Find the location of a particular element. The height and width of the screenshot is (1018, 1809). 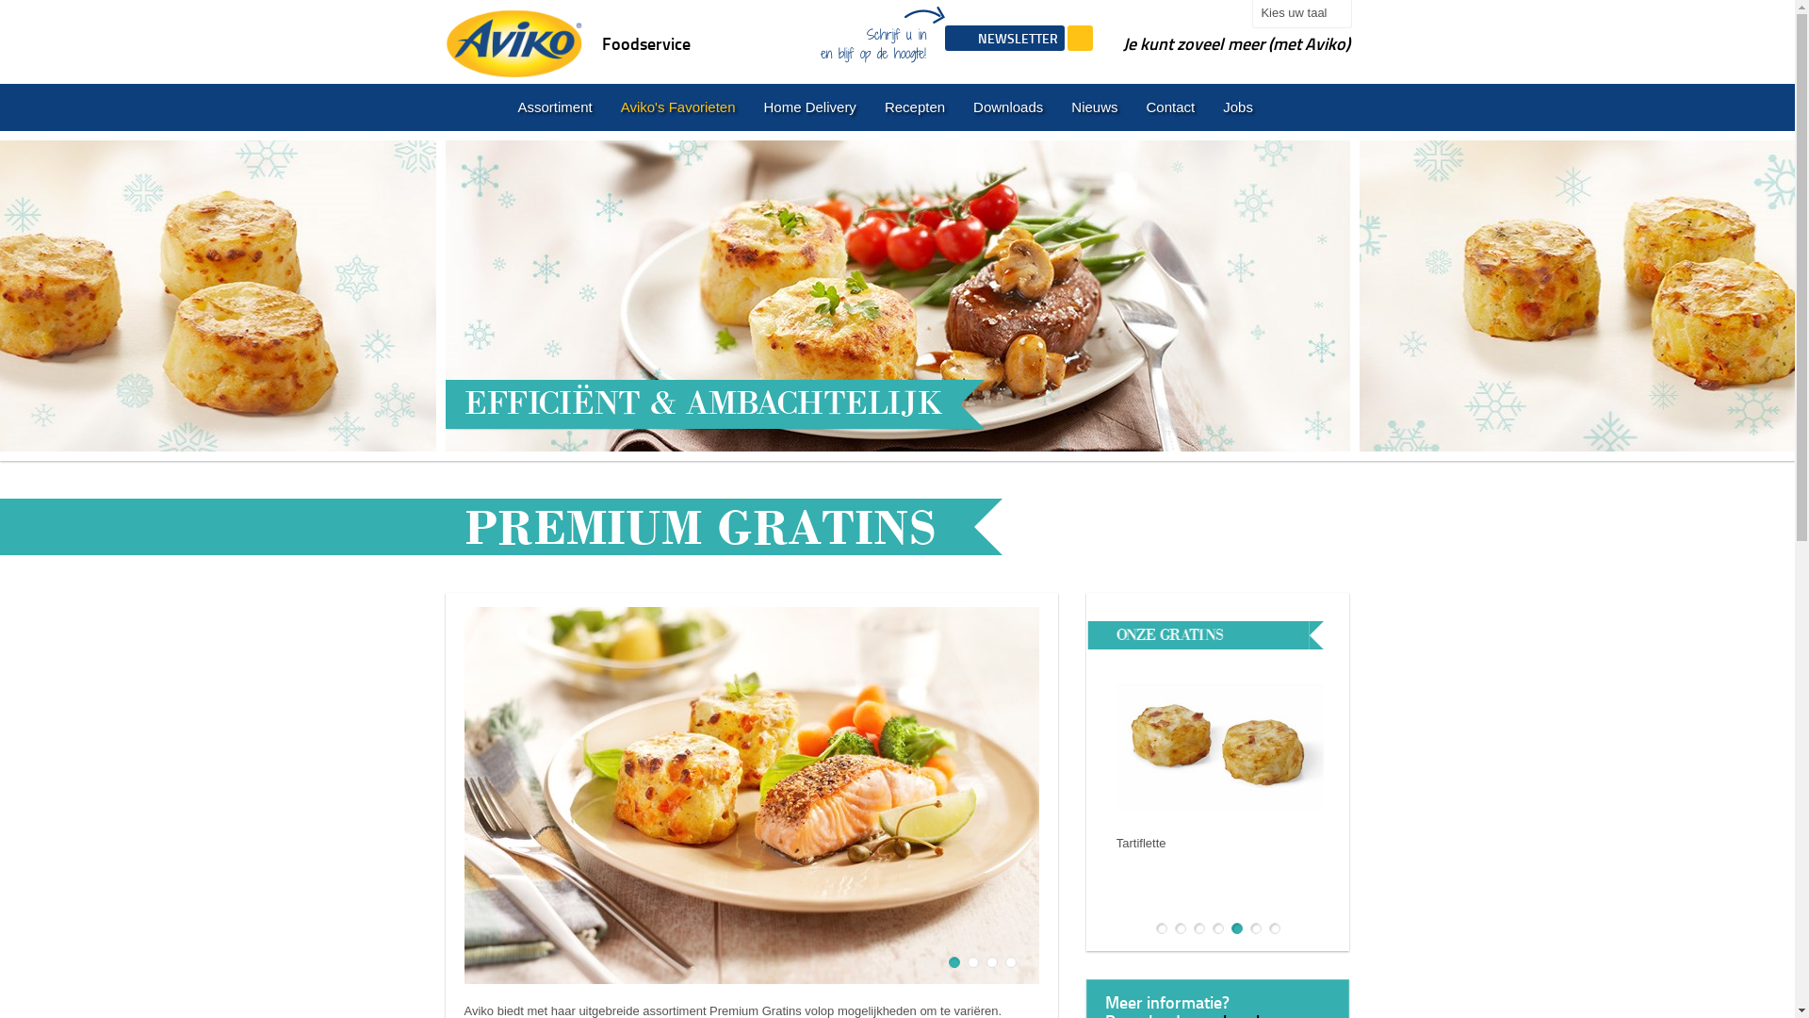

'NEWSLETTER' is located at coordinates (1002, 38).